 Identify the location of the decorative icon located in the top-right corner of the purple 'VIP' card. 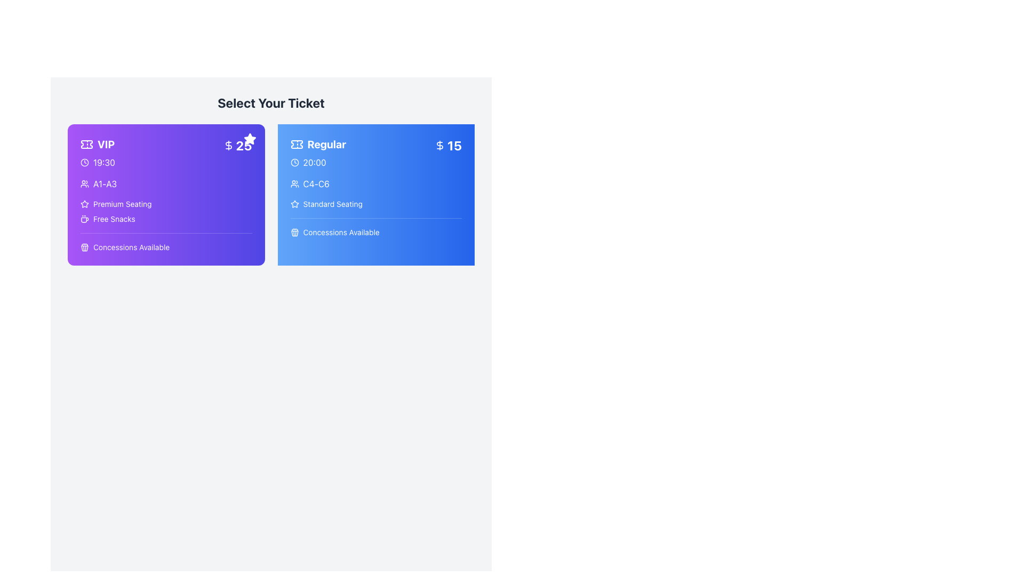
(249, 139).